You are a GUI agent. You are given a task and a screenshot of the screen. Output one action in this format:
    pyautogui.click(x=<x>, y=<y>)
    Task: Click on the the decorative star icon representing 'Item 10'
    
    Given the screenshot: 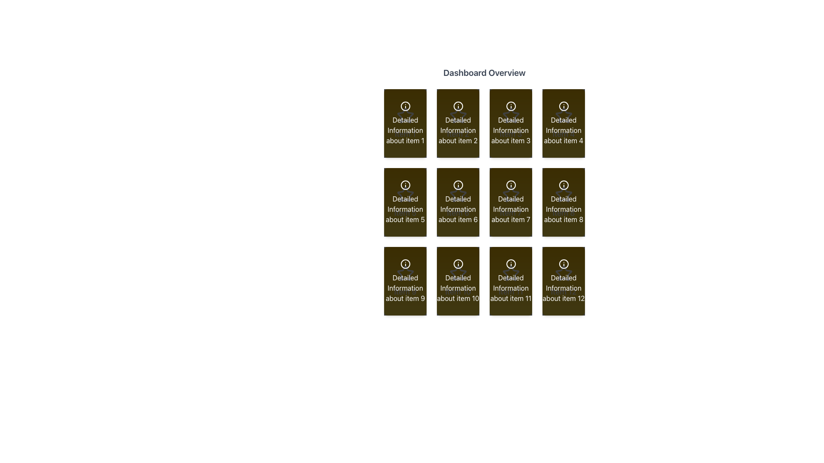 What is the action you would take?
    pyautogui.click(x=457, y=273)
    